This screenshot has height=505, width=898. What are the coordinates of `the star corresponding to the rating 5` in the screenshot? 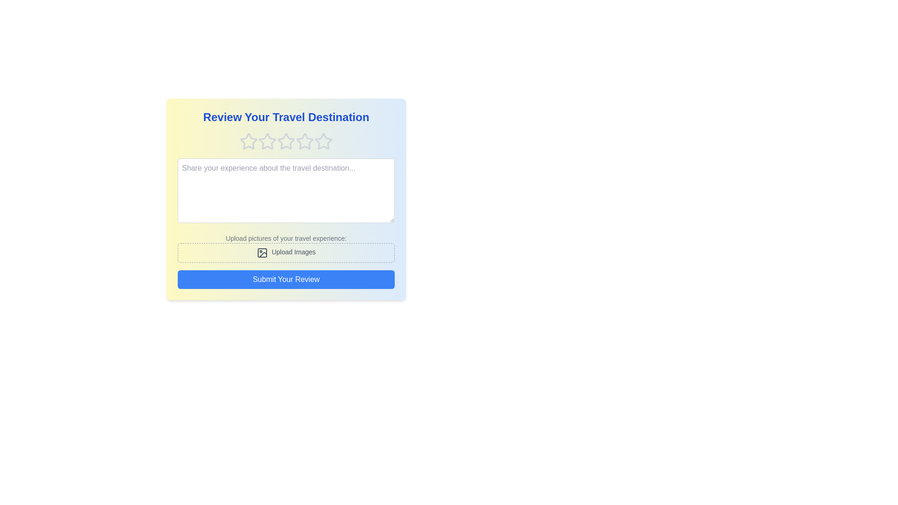 It's located at (323, 142).